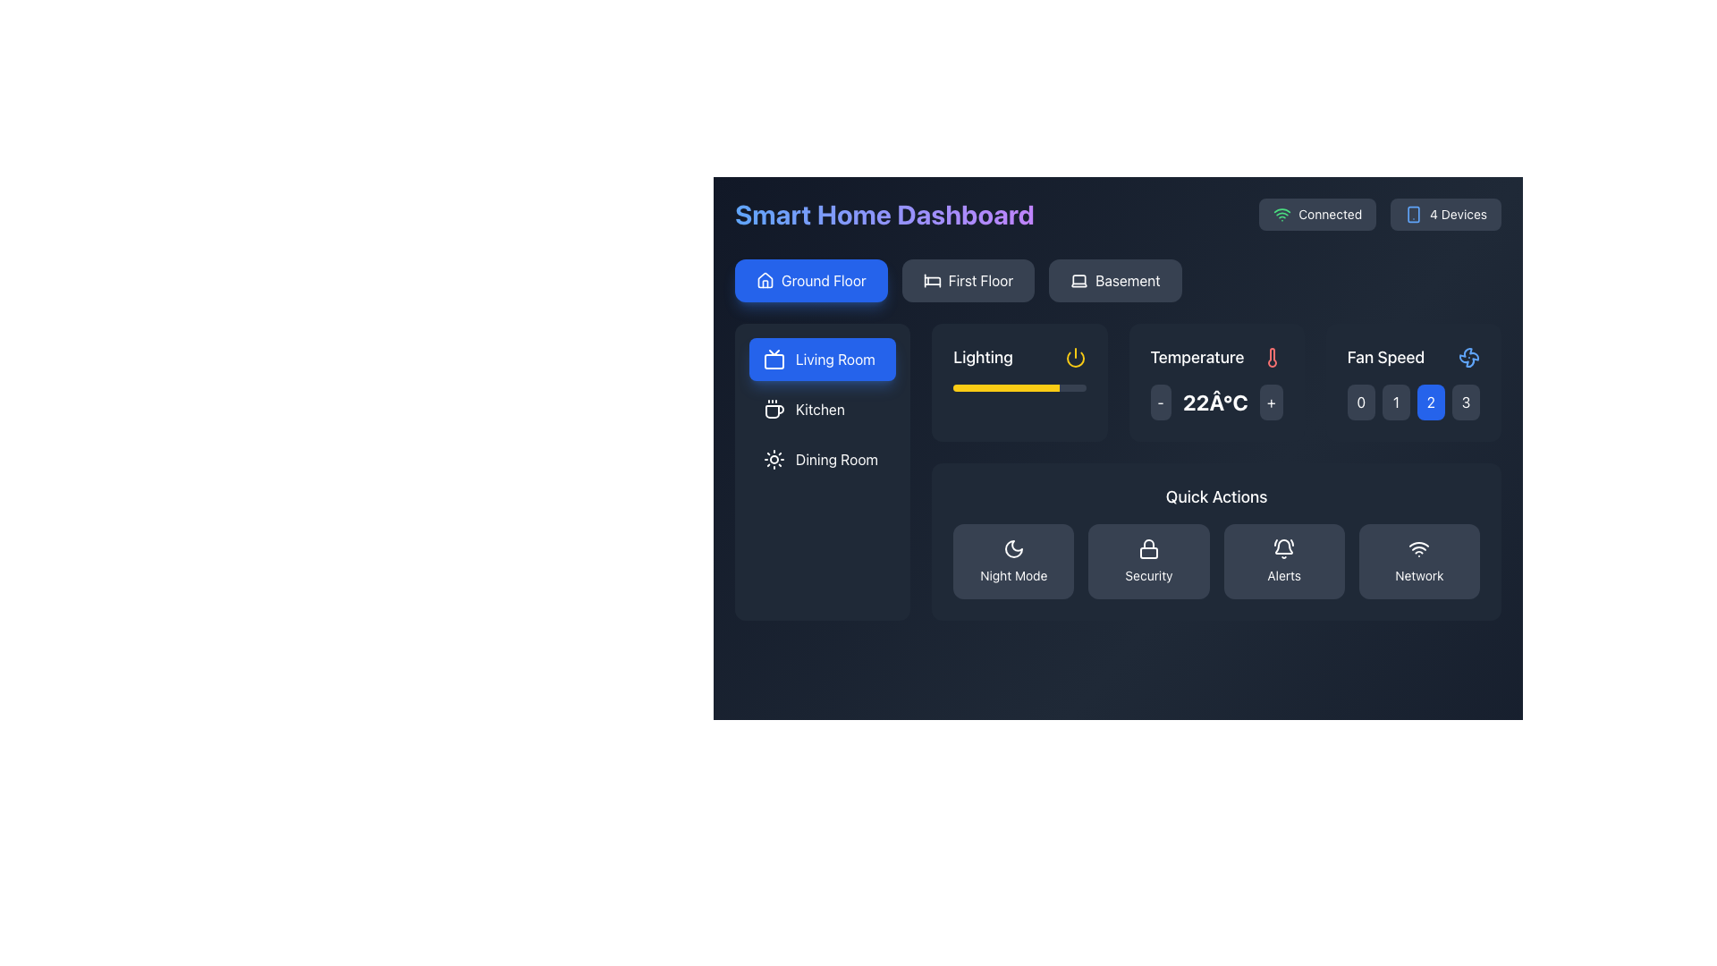 The height and width of the screenshot is (966, 1717). I want to click on the '+' button located at the far right of the temperature control panel to observe the styling change, so click(1270, 402).